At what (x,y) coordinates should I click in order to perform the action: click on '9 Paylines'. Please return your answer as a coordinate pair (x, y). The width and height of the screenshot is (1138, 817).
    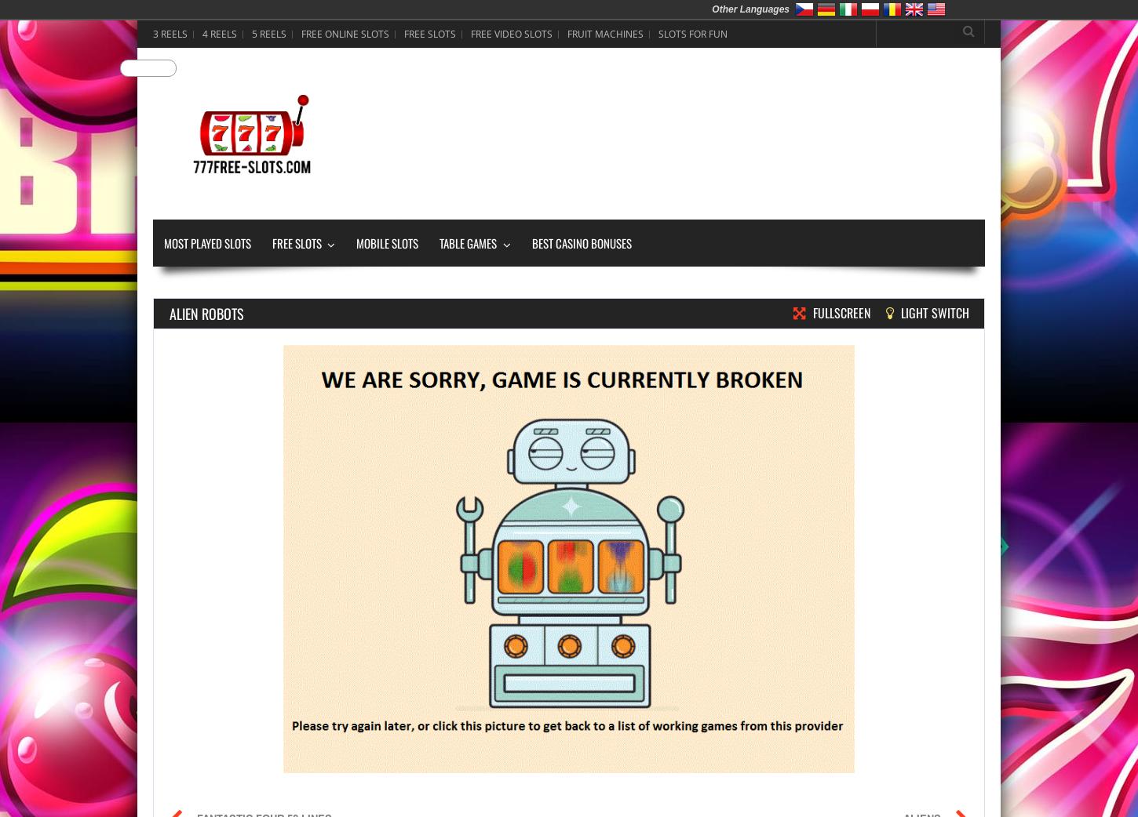
    Looking at the image, I should click on (292, 434).